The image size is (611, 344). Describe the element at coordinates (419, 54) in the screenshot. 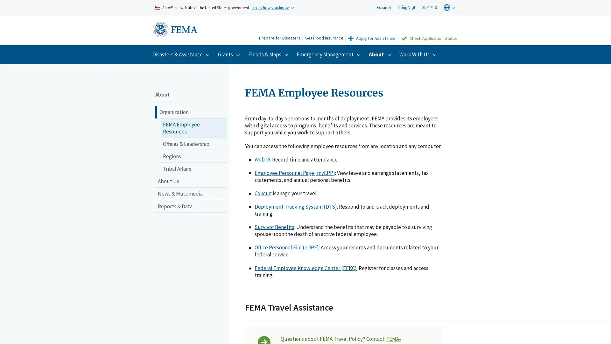

I see `Work With Us` at that location.